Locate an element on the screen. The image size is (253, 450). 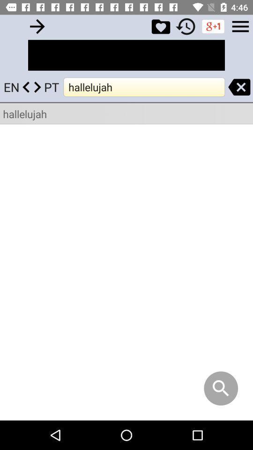
backspace is located at coordinates (239, 87).